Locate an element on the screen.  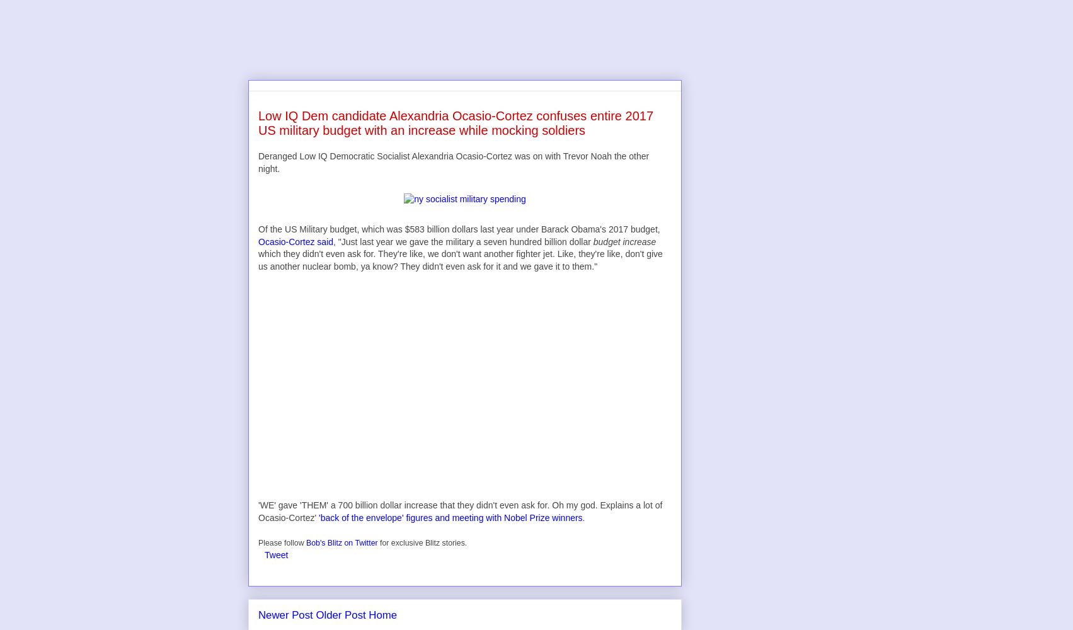
'Ocasio-Cortez said' is located at coordinates (258, 241).